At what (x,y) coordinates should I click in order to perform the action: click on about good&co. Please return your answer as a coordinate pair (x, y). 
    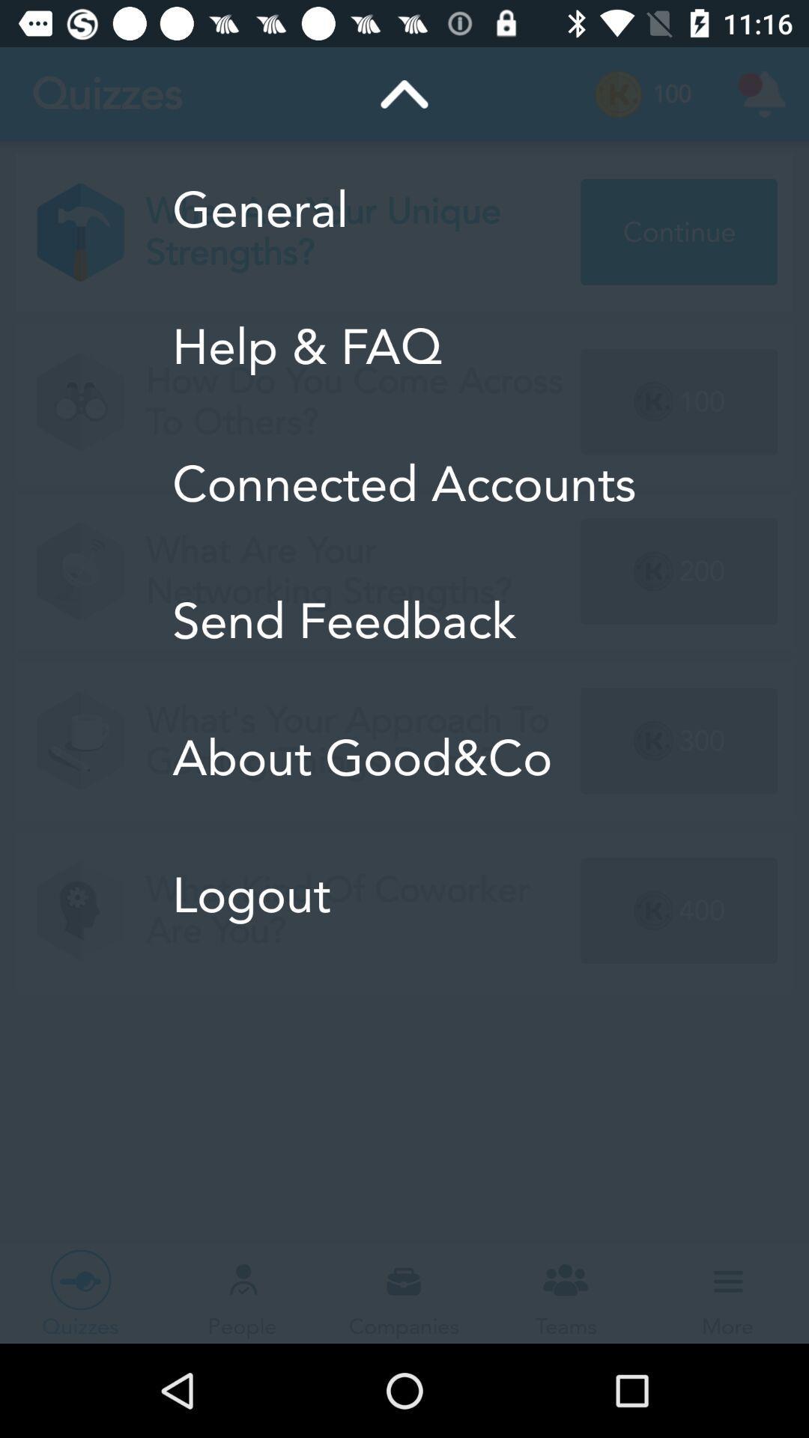
    Looking at the image, I should click on (403, 758).